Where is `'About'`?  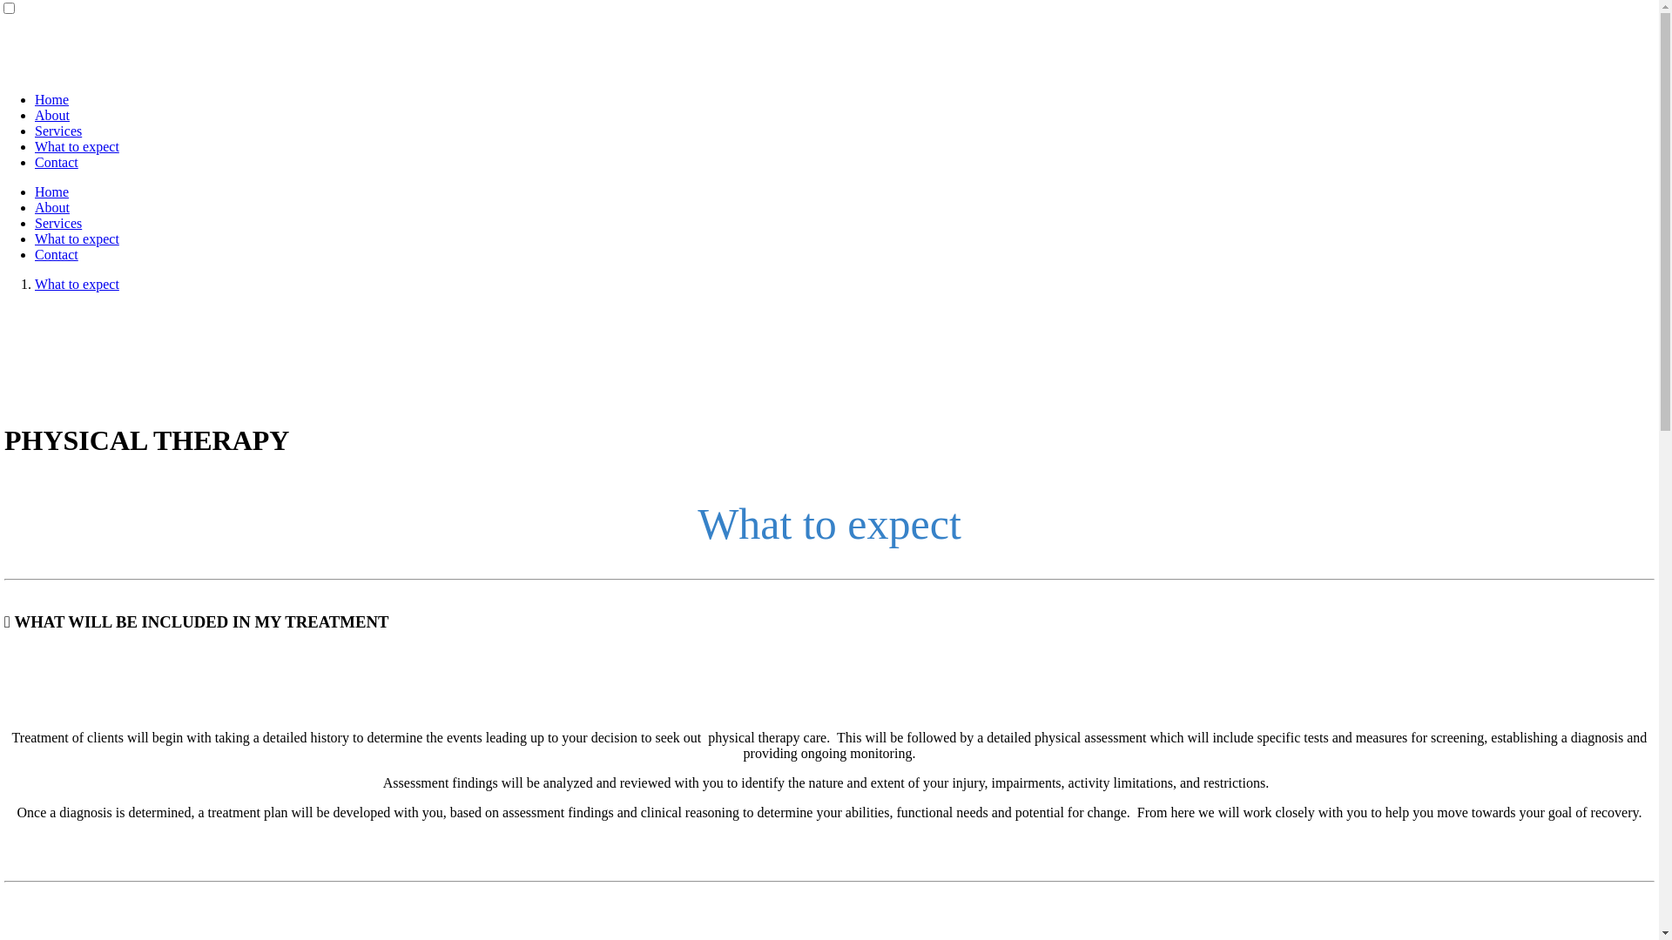 'About' is located at coordinates (51, 206).